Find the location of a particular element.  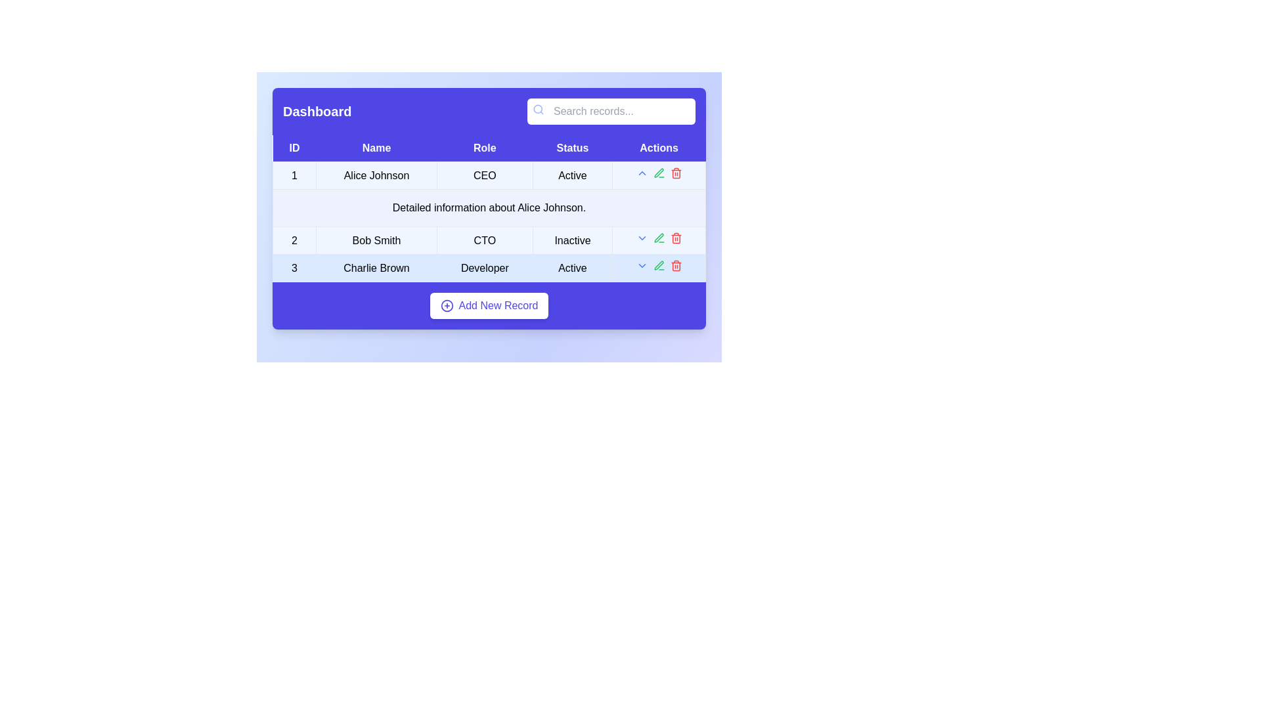

the table cell containing the text '3' in the first column under the 'ID' header, which is part of the third row for 'Charlie Brown' is located at coordinates (294, 267).